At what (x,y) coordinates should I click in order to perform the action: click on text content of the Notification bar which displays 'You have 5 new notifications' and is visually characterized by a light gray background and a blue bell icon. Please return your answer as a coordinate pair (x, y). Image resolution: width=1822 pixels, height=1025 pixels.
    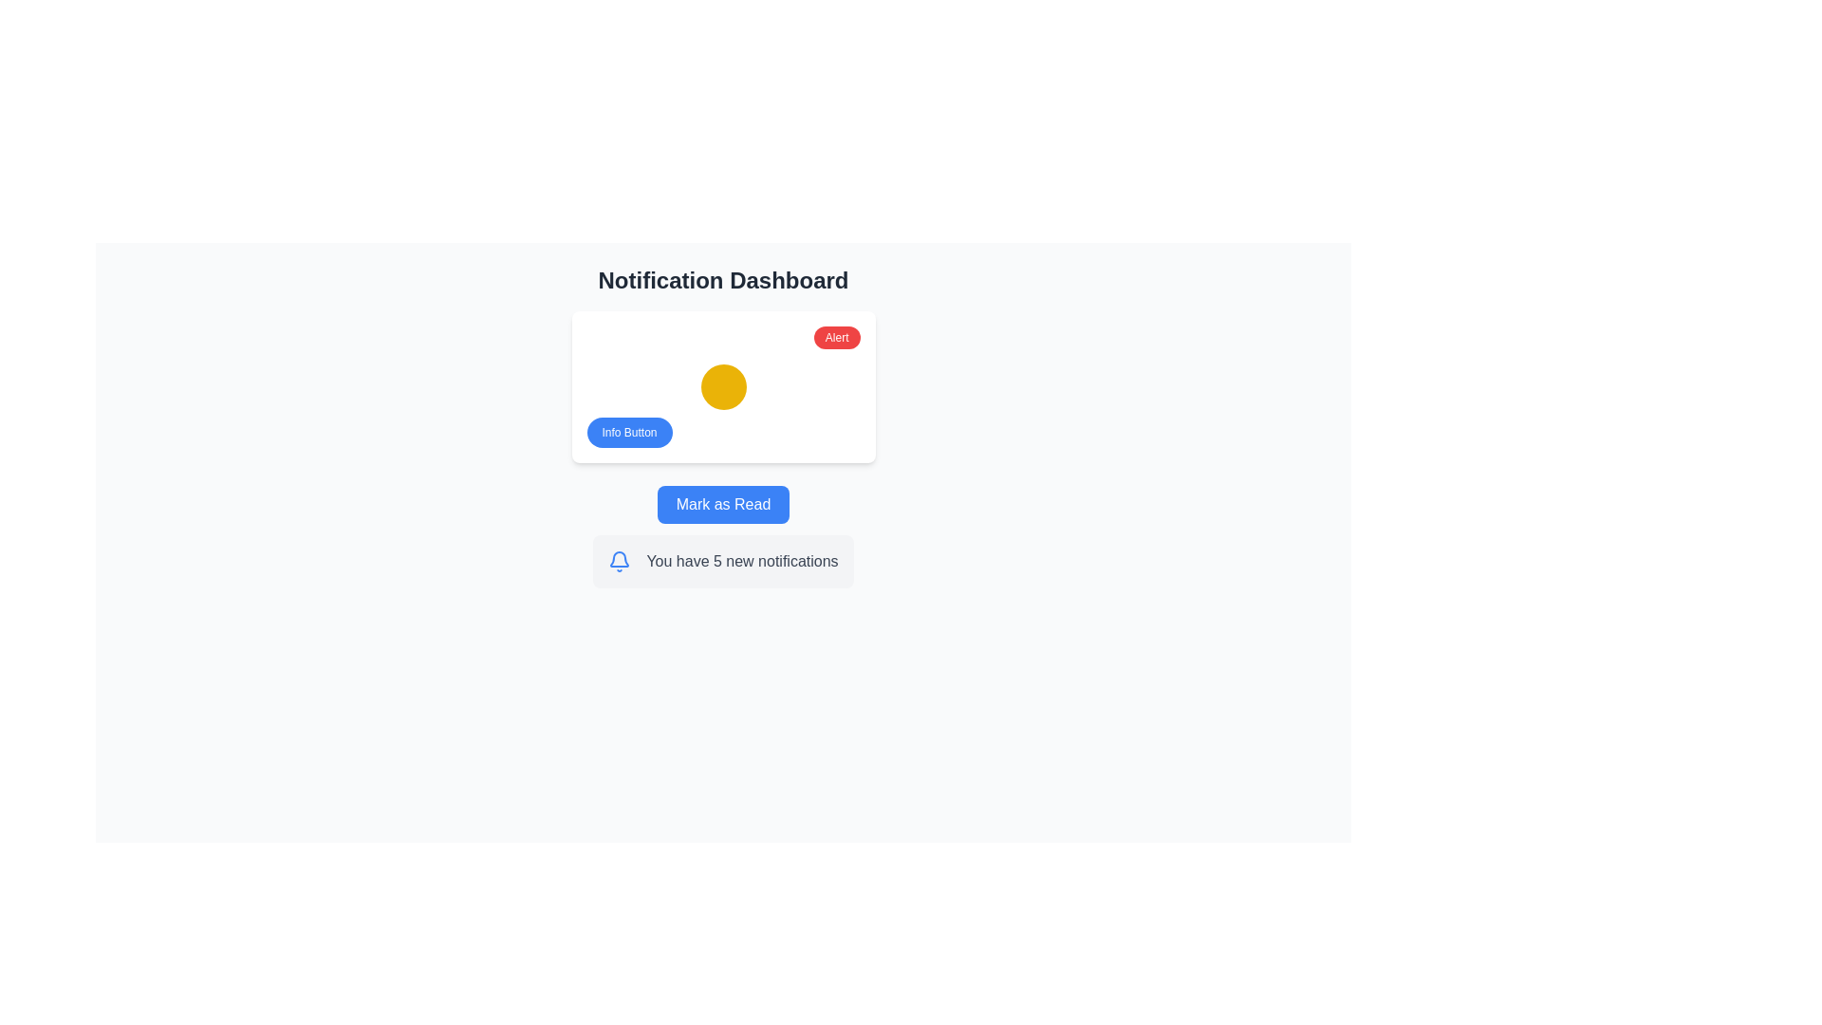
    Looking at the image, I should click on (722, 560).